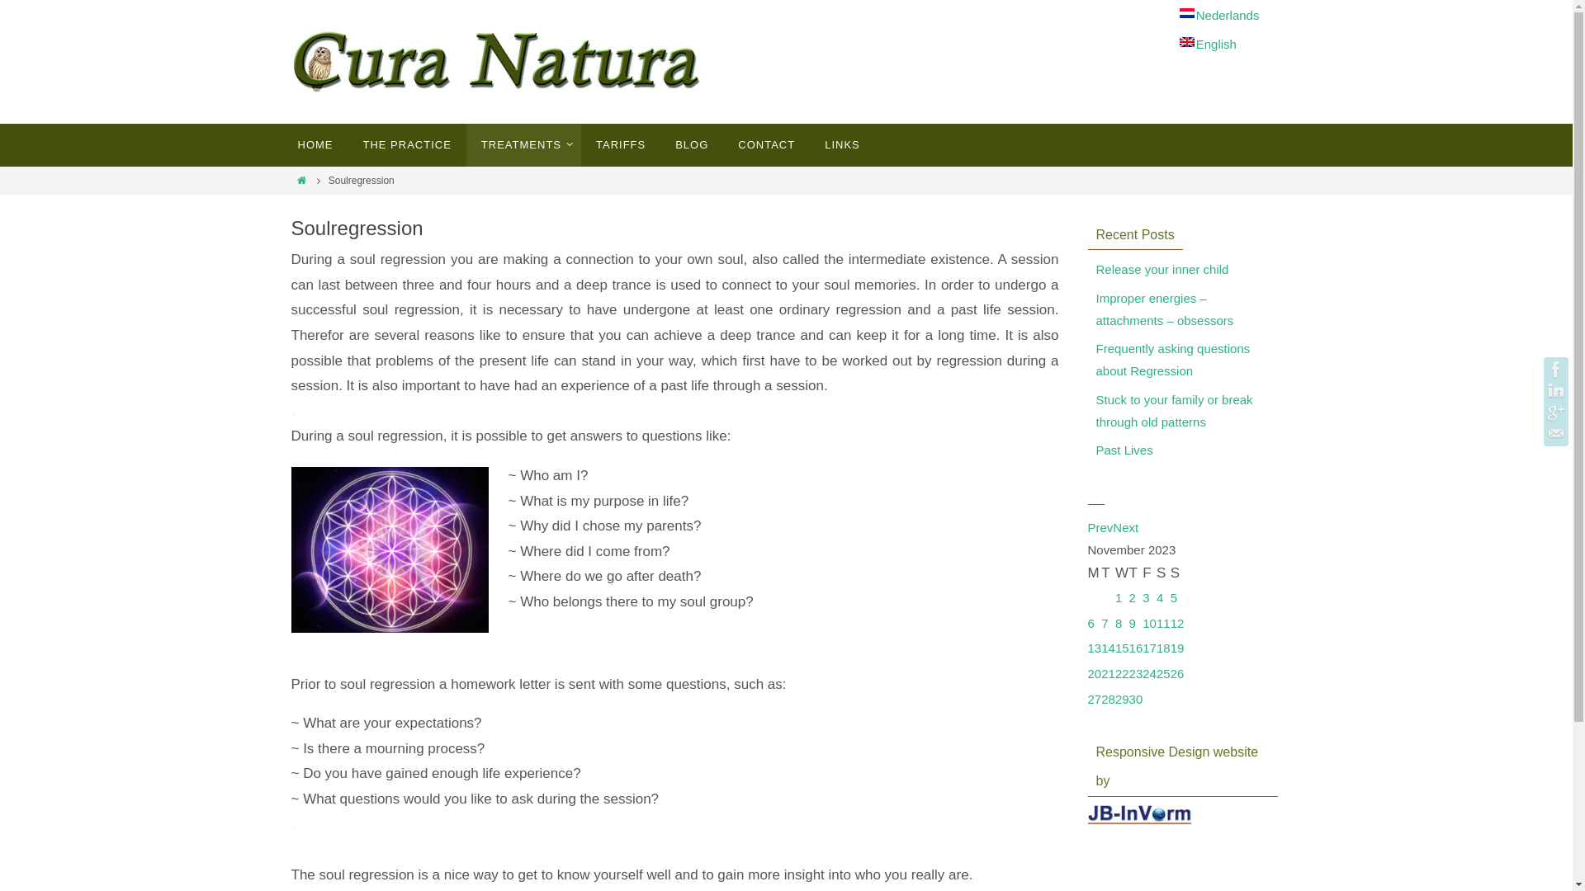 The image size is (1585, 891). Describe the element at coordinates (1108, 648) in the screenshot. I see `'14'` at that location.